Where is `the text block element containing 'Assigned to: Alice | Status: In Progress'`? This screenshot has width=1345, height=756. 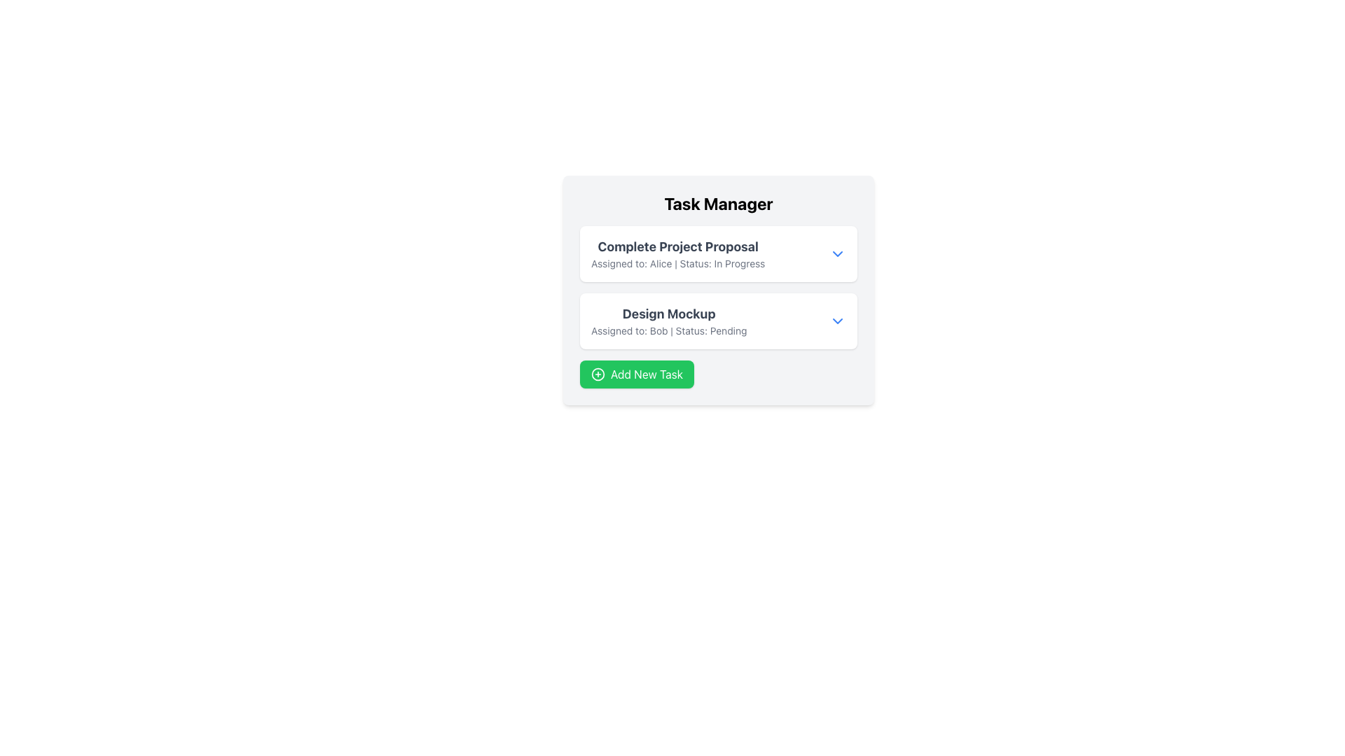
the text block element containing 'Assigned to: Alice | Status: In Progress' is located at coordinates (678, 264).